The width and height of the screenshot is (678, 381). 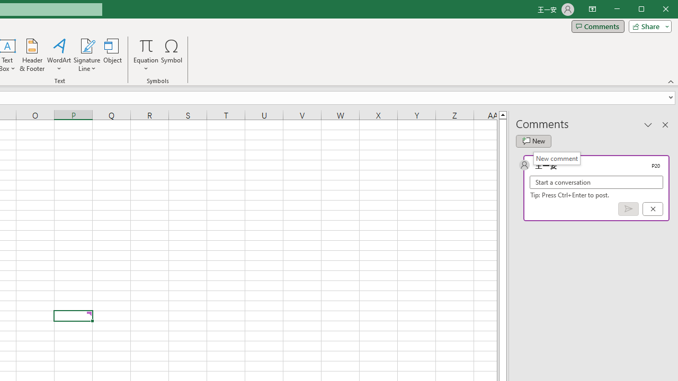 What do you see at coordinates (648, 124) in the screenshot?
I see `'Task Pane Options'` at bounding box center [648, 124].